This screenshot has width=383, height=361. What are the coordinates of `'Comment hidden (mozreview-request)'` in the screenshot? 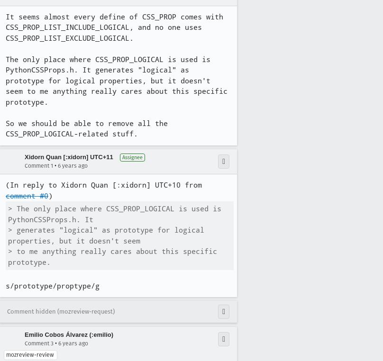 It's located at (60, 310).